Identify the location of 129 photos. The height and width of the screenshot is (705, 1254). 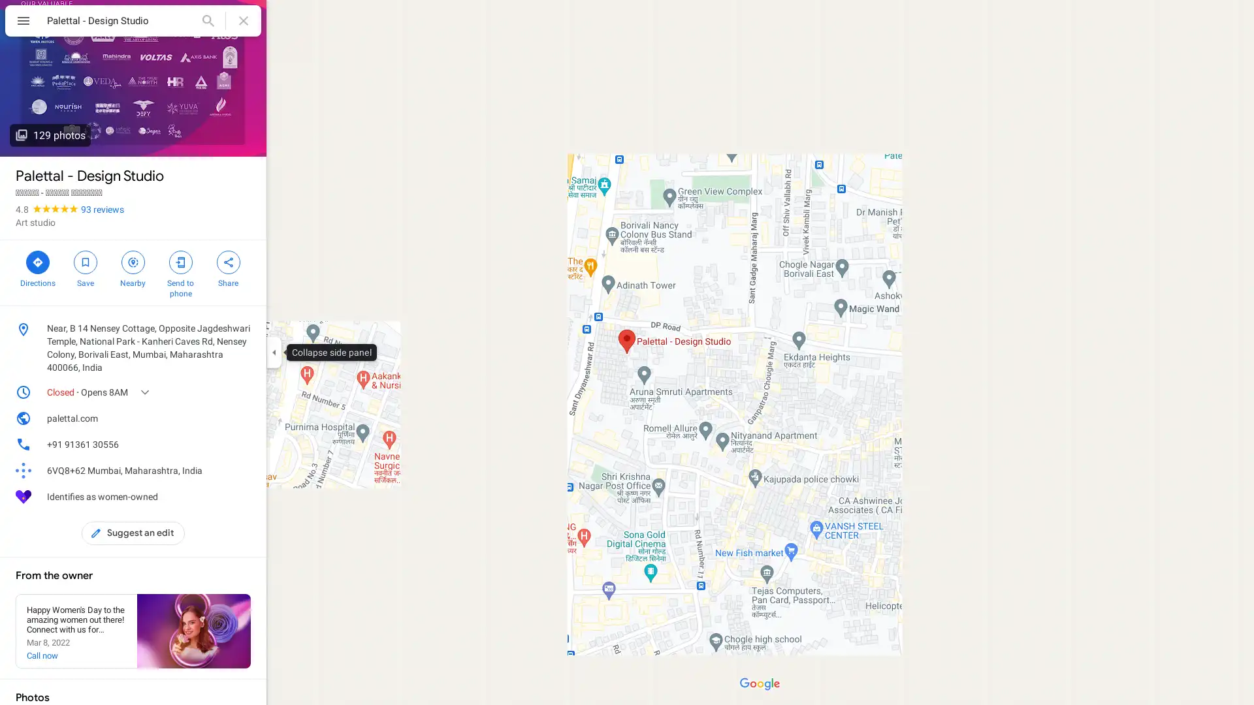
(50, 135).